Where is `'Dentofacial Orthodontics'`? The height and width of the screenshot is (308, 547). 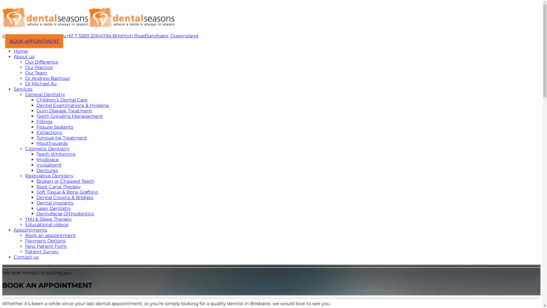
'Dentofacial Orthodontics' is located at coordinates (65, 214).